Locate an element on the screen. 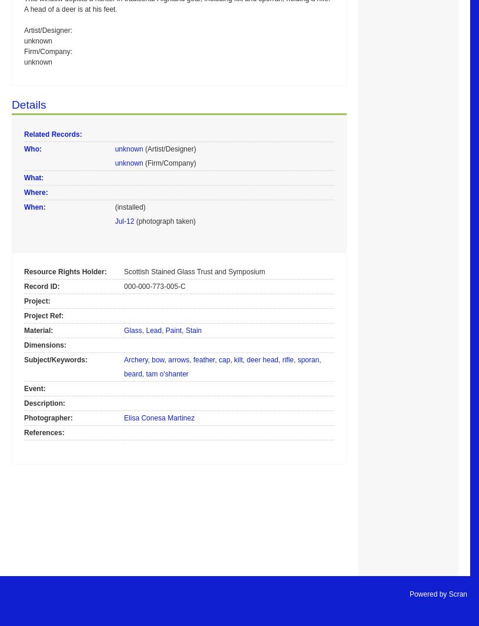 This screenshot has width=479, height=626. '(photograph taken)' is located at coordinates (164, 220).